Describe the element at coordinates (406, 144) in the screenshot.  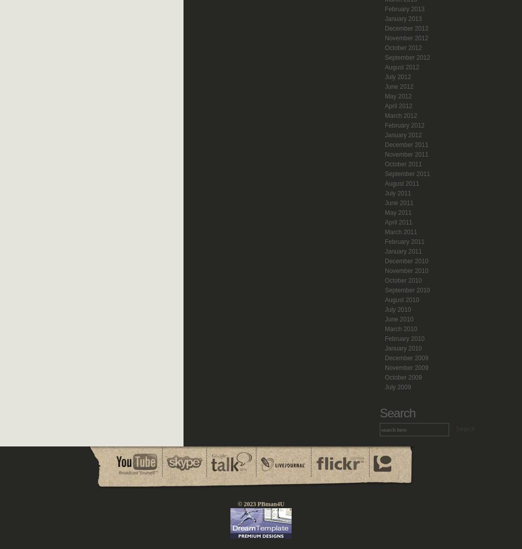
I see `'December 2011'` at that location.